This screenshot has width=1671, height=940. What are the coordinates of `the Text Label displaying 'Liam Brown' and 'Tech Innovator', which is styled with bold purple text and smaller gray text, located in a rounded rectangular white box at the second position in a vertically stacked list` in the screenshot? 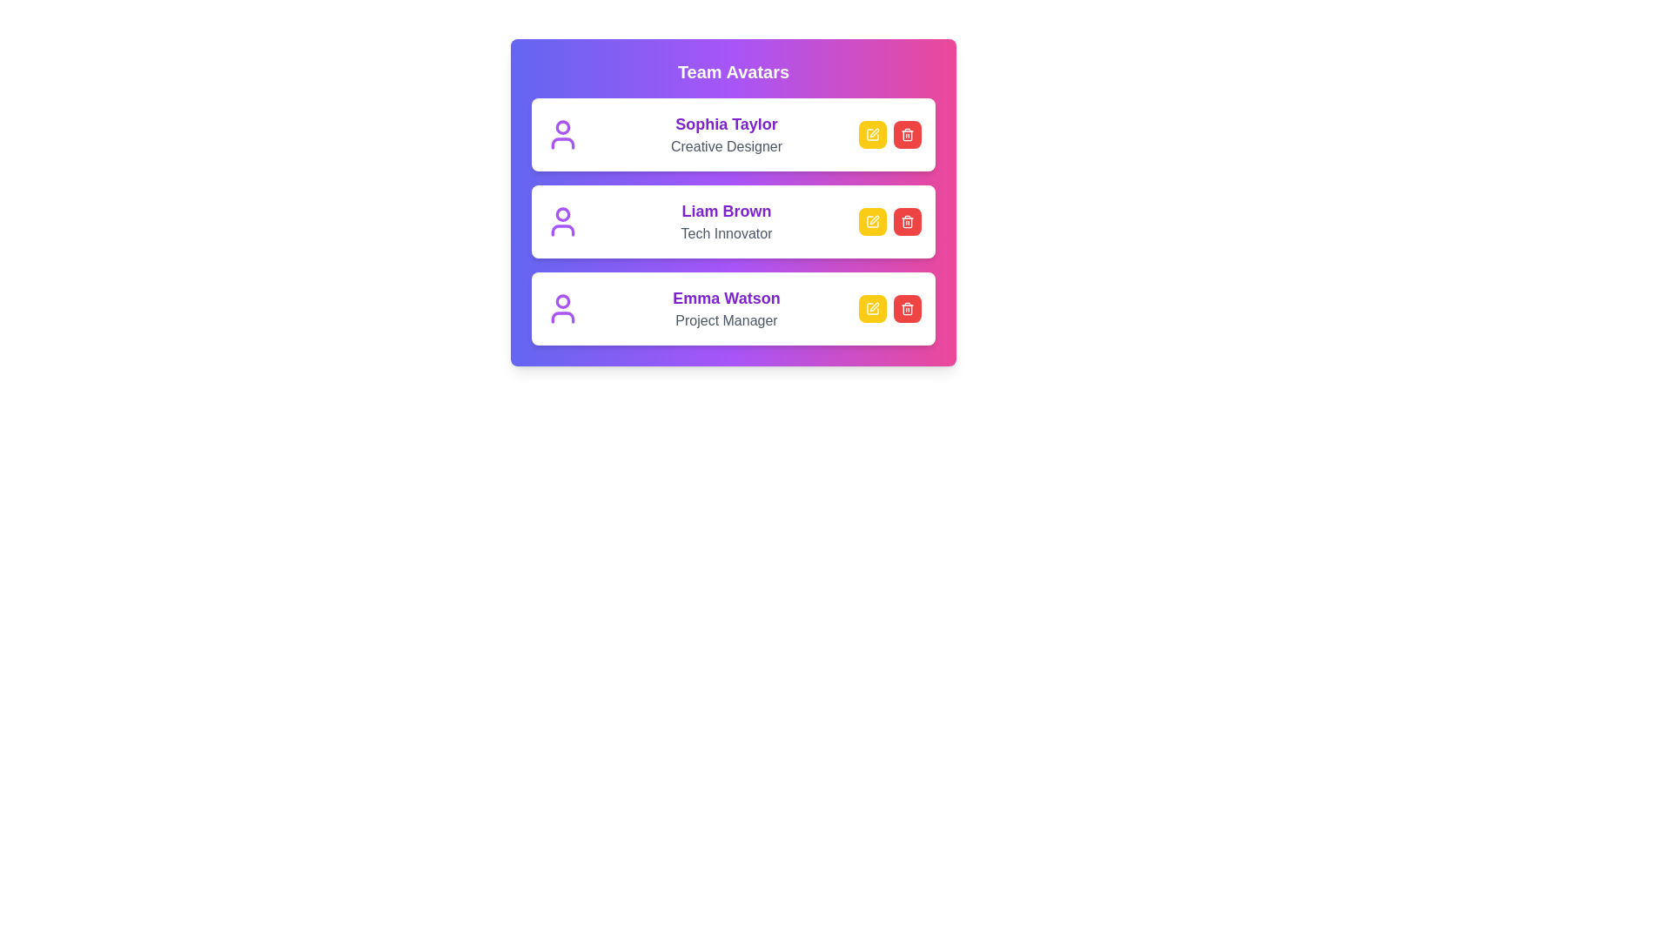 It's located at (727, 220).